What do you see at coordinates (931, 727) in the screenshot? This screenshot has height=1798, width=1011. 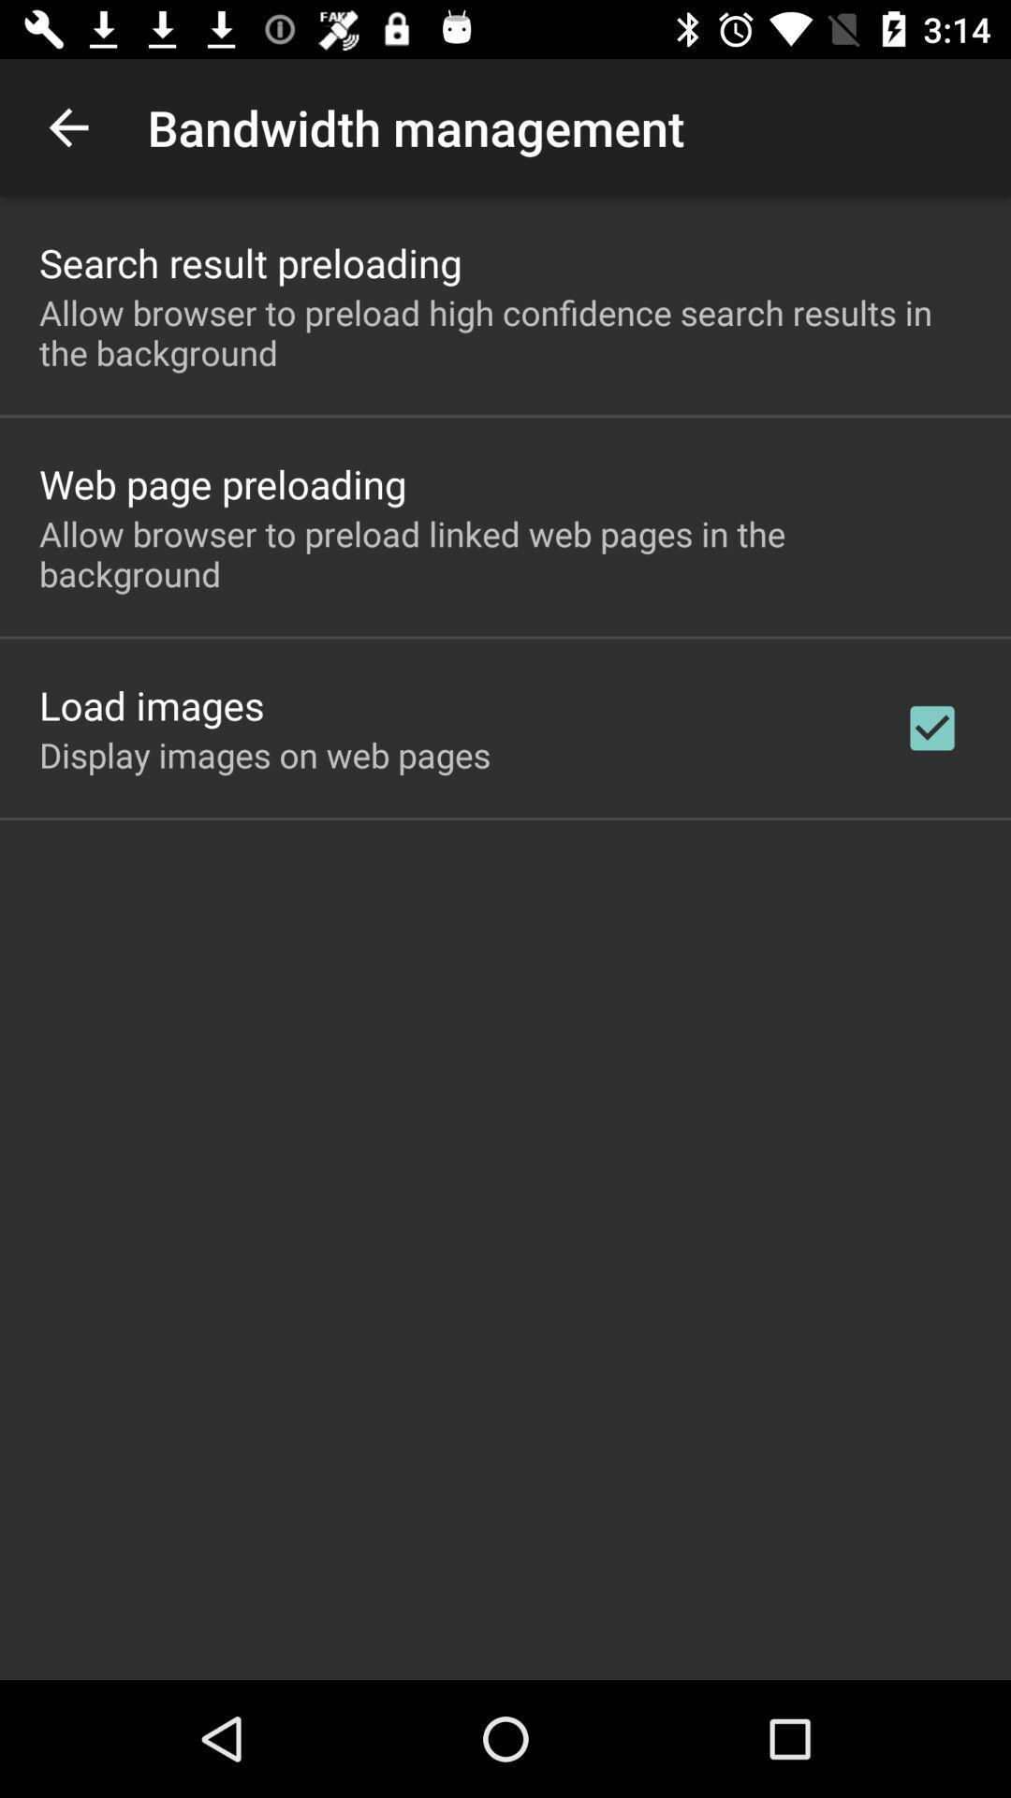 I see `item to the right of display images on item` at bounding box center [931, 727].